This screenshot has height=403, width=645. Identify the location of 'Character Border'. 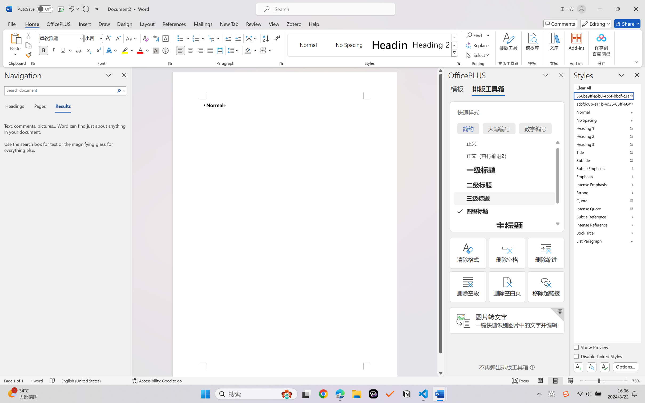
(166, 38).